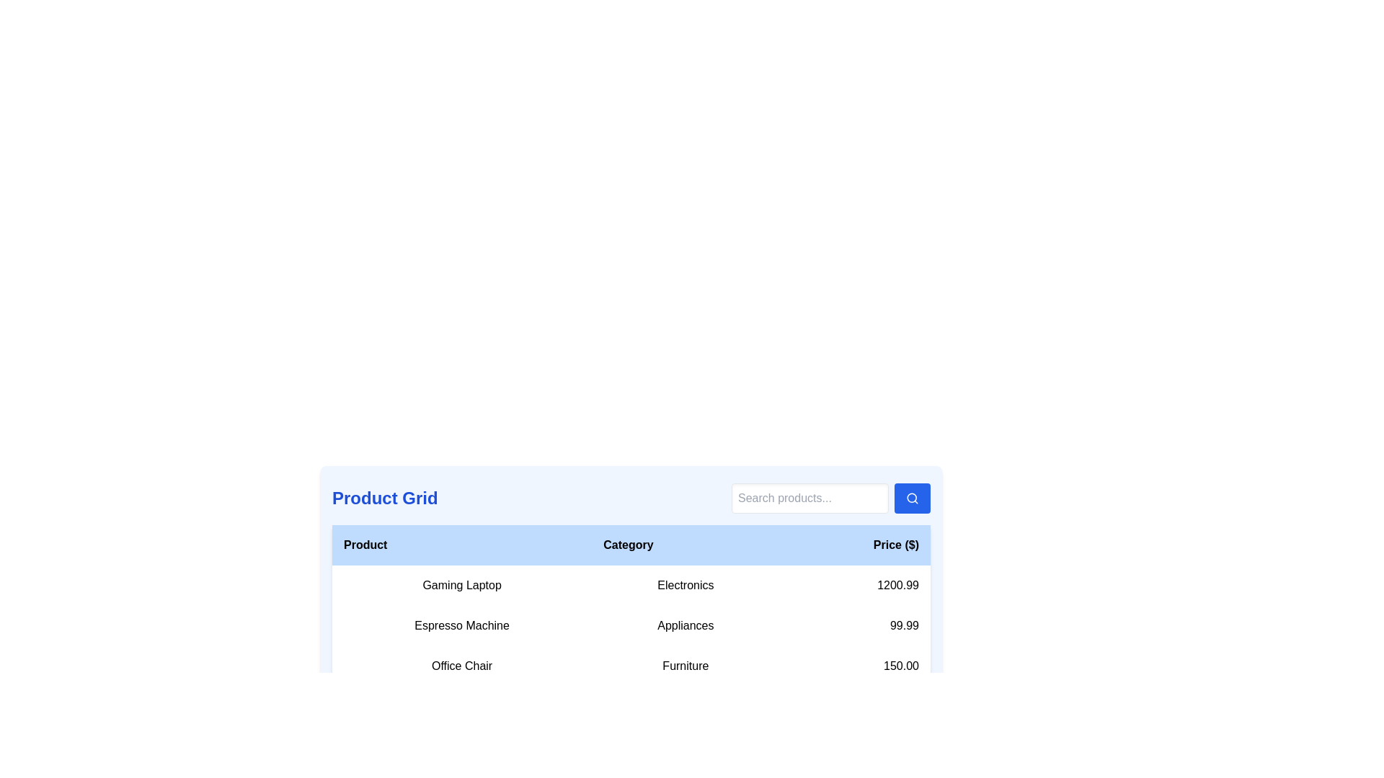  Describe the element at coordinates (631, 586) in the screenshot. I see `the first row of the table containing 'Gaming Laptop', 'Electronics', and '1200.99'` at that location.